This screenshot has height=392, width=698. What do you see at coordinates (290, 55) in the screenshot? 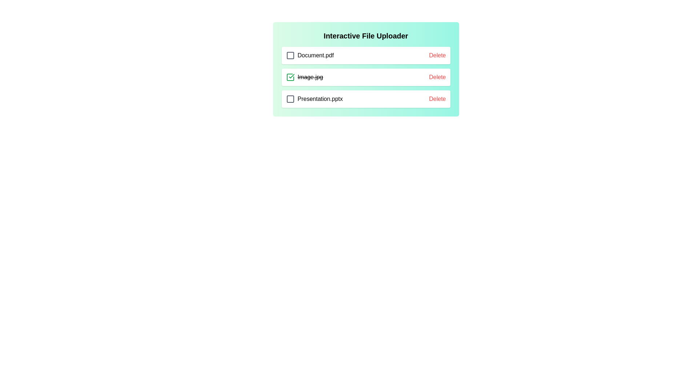
I see `the checkbox for the file Document.pdf` at bounding box center [290, 55].